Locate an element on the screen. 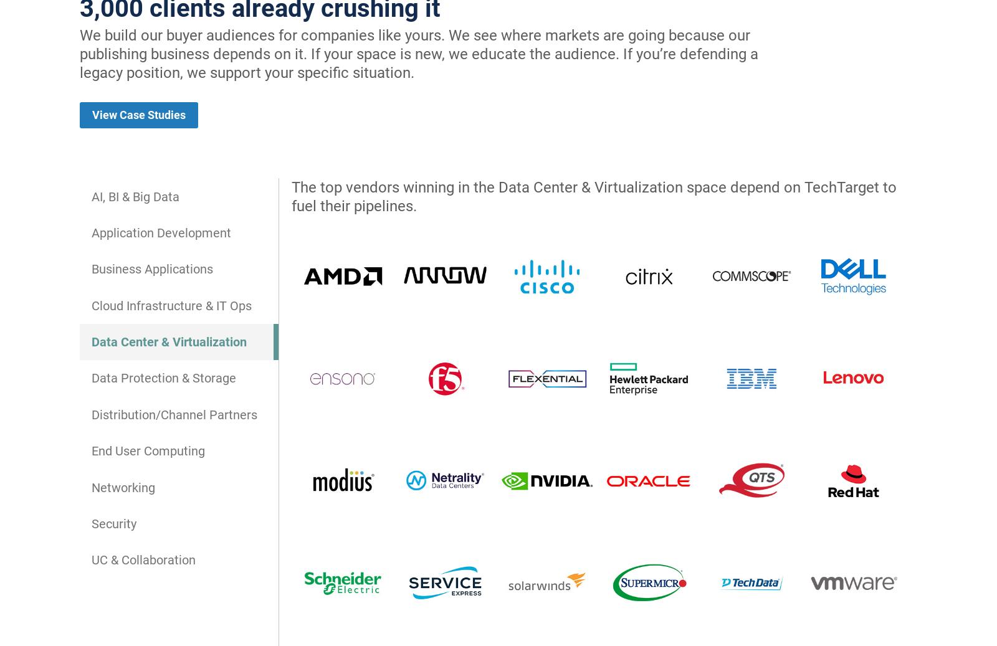  'Business Applications' is located at coordinates (91, 268).